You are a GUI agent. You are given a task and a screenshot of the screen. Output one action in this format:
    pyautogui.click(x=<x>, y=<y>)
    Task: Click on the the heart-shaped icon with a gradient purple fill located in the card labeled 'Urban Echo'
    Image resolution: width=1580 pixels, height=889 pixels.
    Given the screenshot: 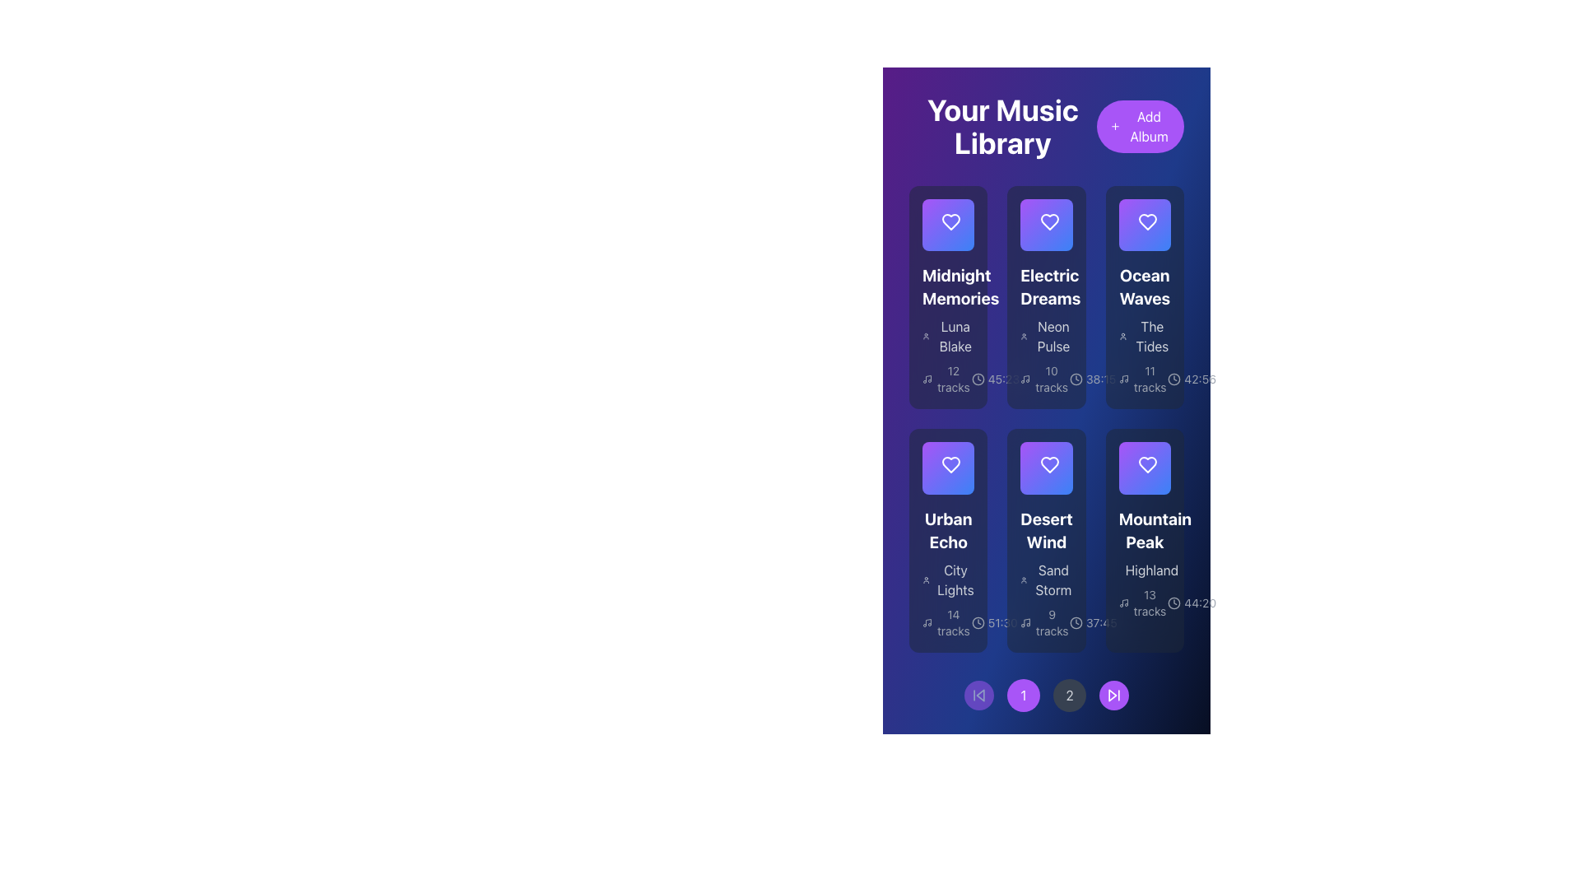 What is the action you would take?
    pyautogui.click(x=951, y=465)
    